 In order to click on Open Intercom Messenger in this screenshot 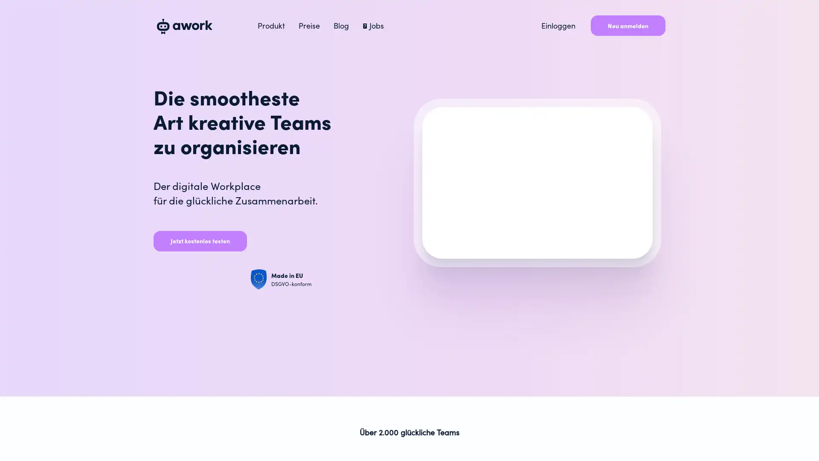, I will do `click(797, 439)`.